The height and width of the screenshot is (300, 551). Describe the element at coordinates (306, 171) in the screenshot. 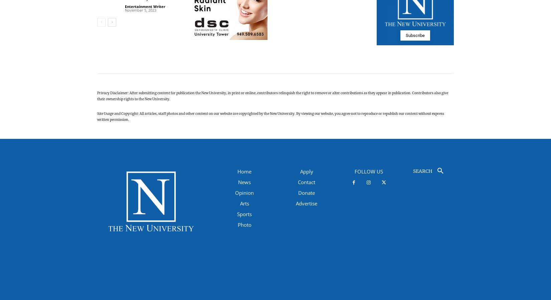

I see `'Apply'` at that location.